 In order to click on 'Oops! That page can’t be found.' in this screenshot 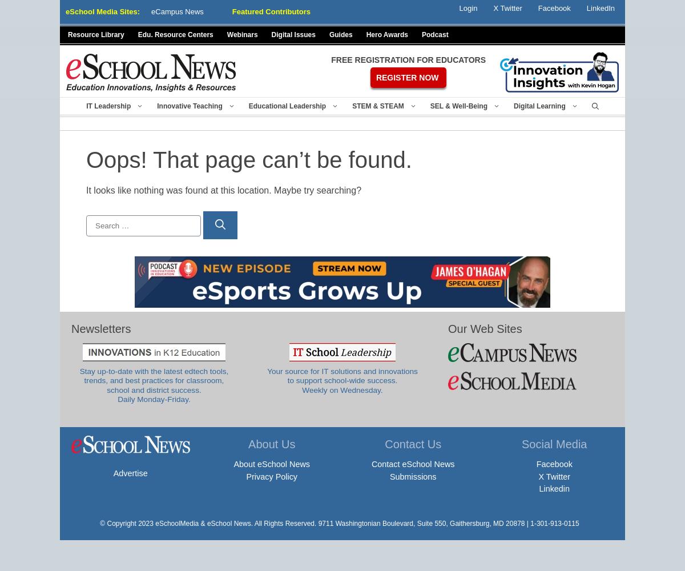, I will do `click(248, 160)`.